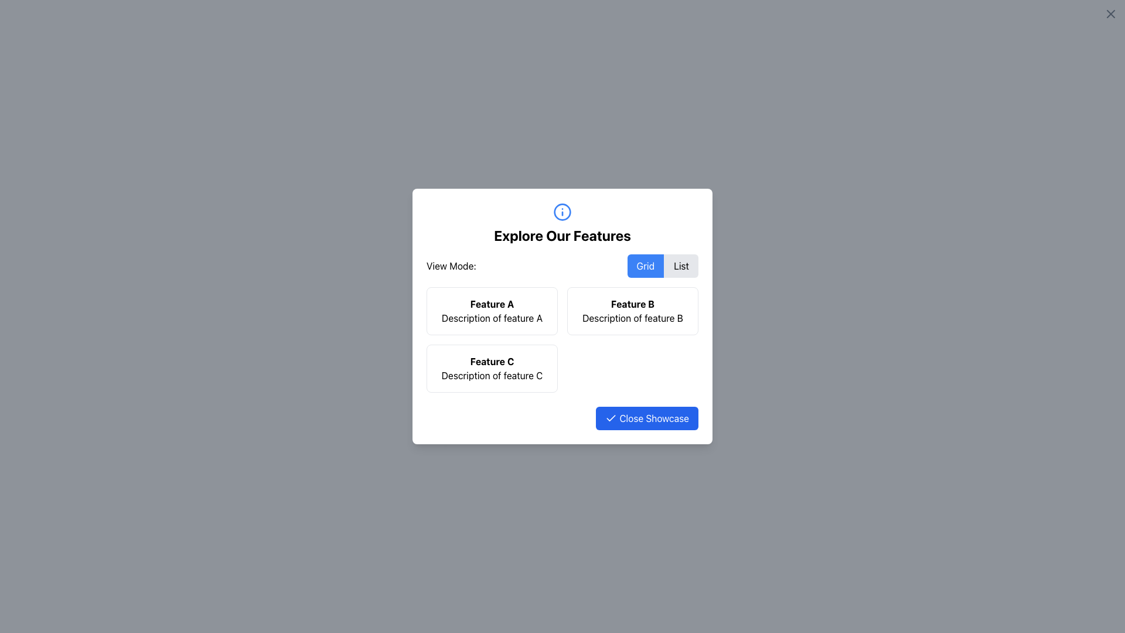 The image size is (1125, 633). What do you see at coordinates (681, 266) in the screenshot?
I see `the 'List' toggle button, which is styled with a gray background and rounded right corners, located immediately to the right of the 'Grid' button in a horizontal toggle interface` at bounding box center [681, 266].